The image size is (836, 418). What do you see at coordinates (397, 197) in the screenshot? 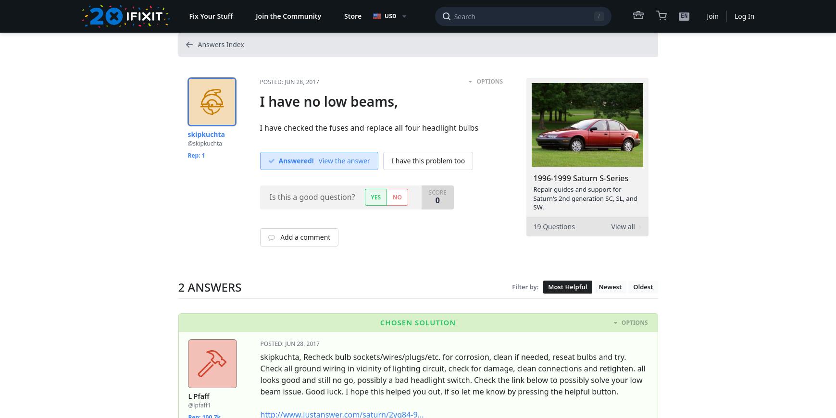
I see `'No'` at bounding box center [397, 197].